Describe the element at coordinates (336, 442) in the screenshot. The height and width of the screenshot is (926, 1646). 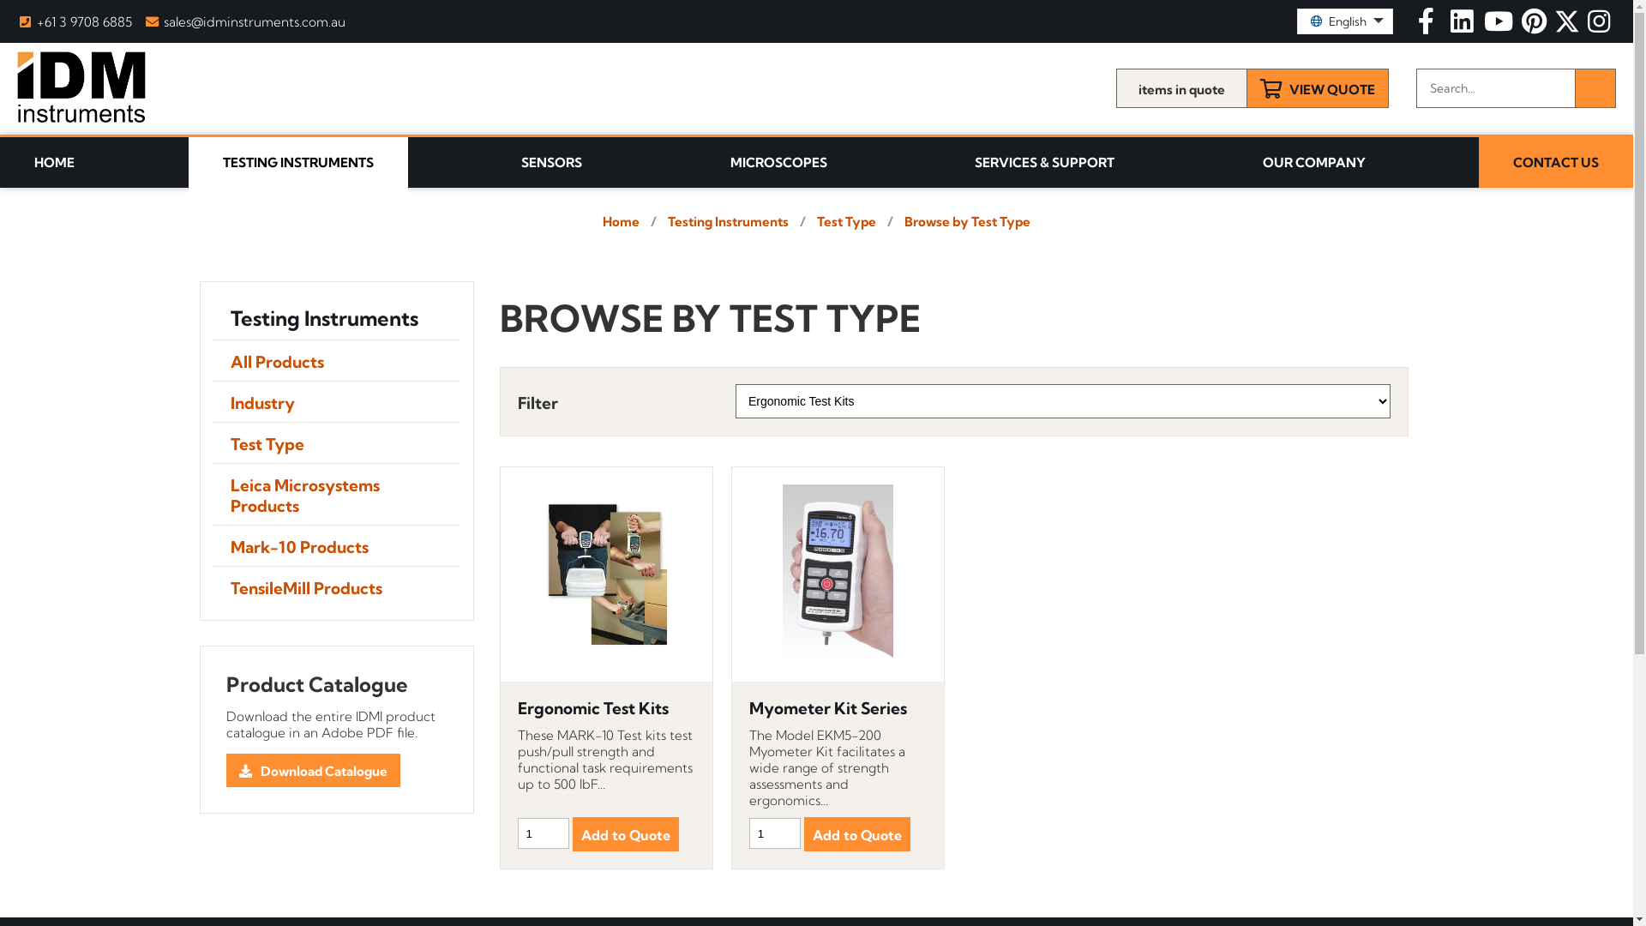
I see `'Test Type'` at that location.